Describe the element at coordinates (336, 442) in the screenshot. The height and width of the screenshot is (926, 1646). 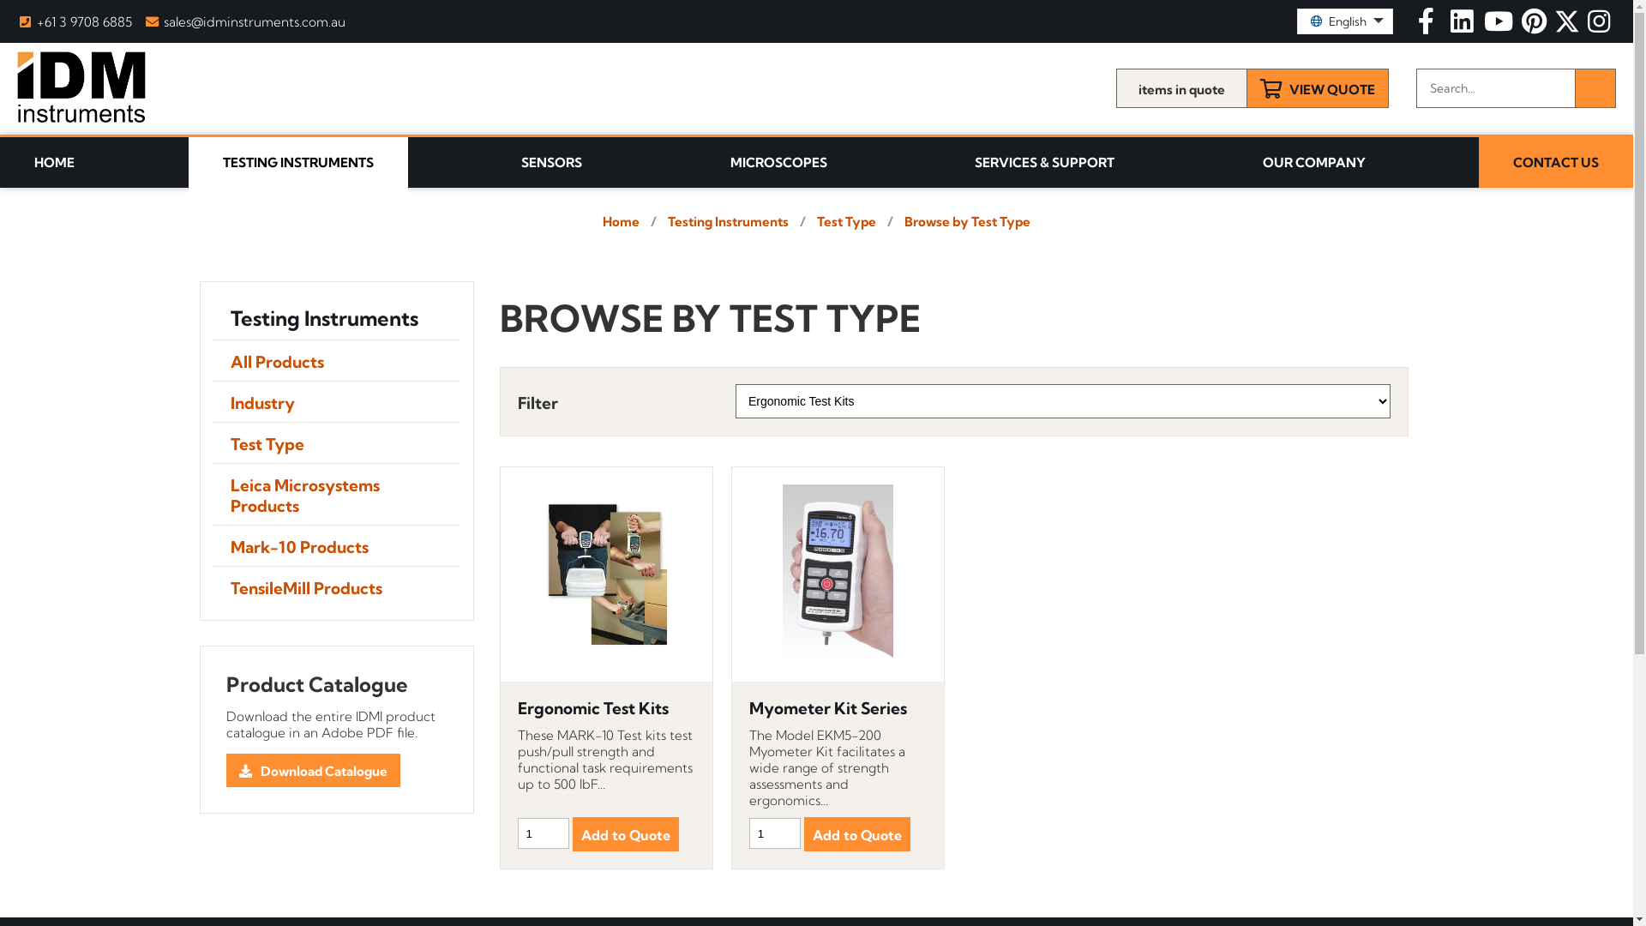
I see `'Test Type'` at that location.